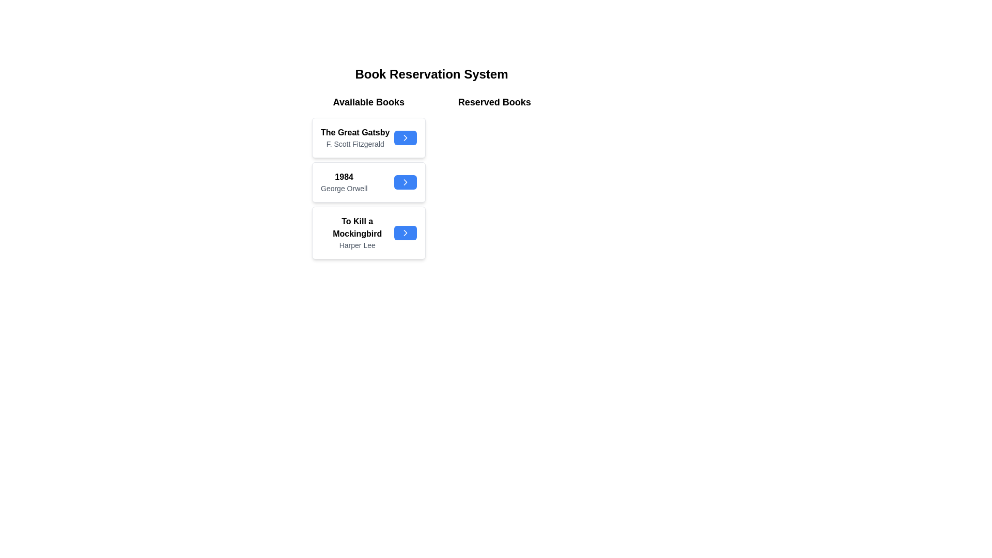 Image resolution: width=992 pixels, height=558 pixels. What do you see at coordinates (355, 132) in the screenshot?
I see `the static text label indicating the title of the book 'The Great Gatsby', which is positioned at the top of the vertical layout in the 'Available Books' section` at bounding box center [355, 132].